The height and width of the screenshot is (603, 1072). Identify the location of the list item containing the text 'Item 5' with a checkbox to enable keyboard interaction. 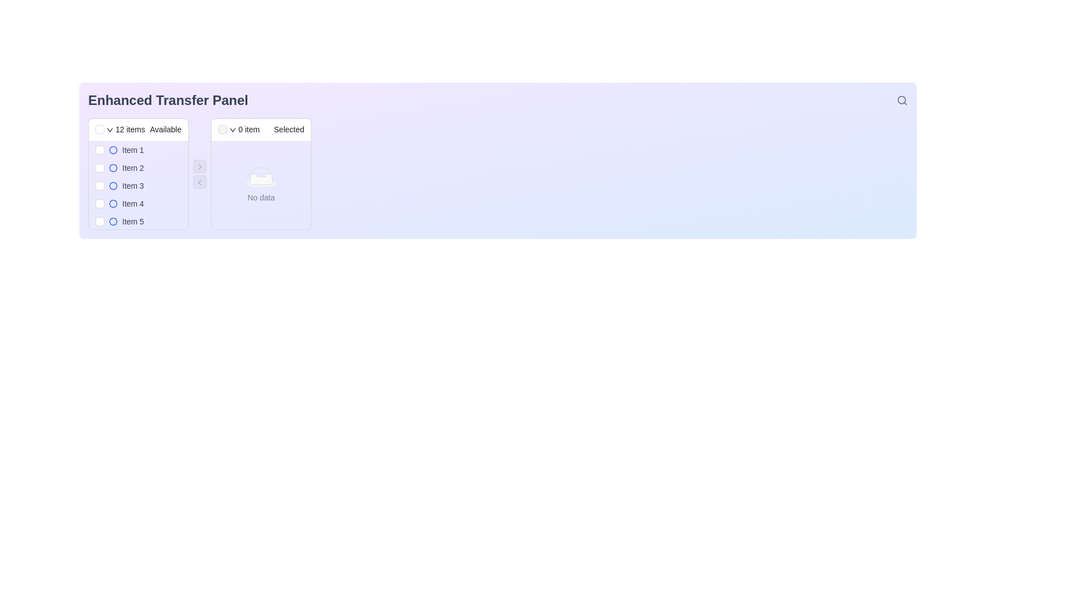
(138, 222).